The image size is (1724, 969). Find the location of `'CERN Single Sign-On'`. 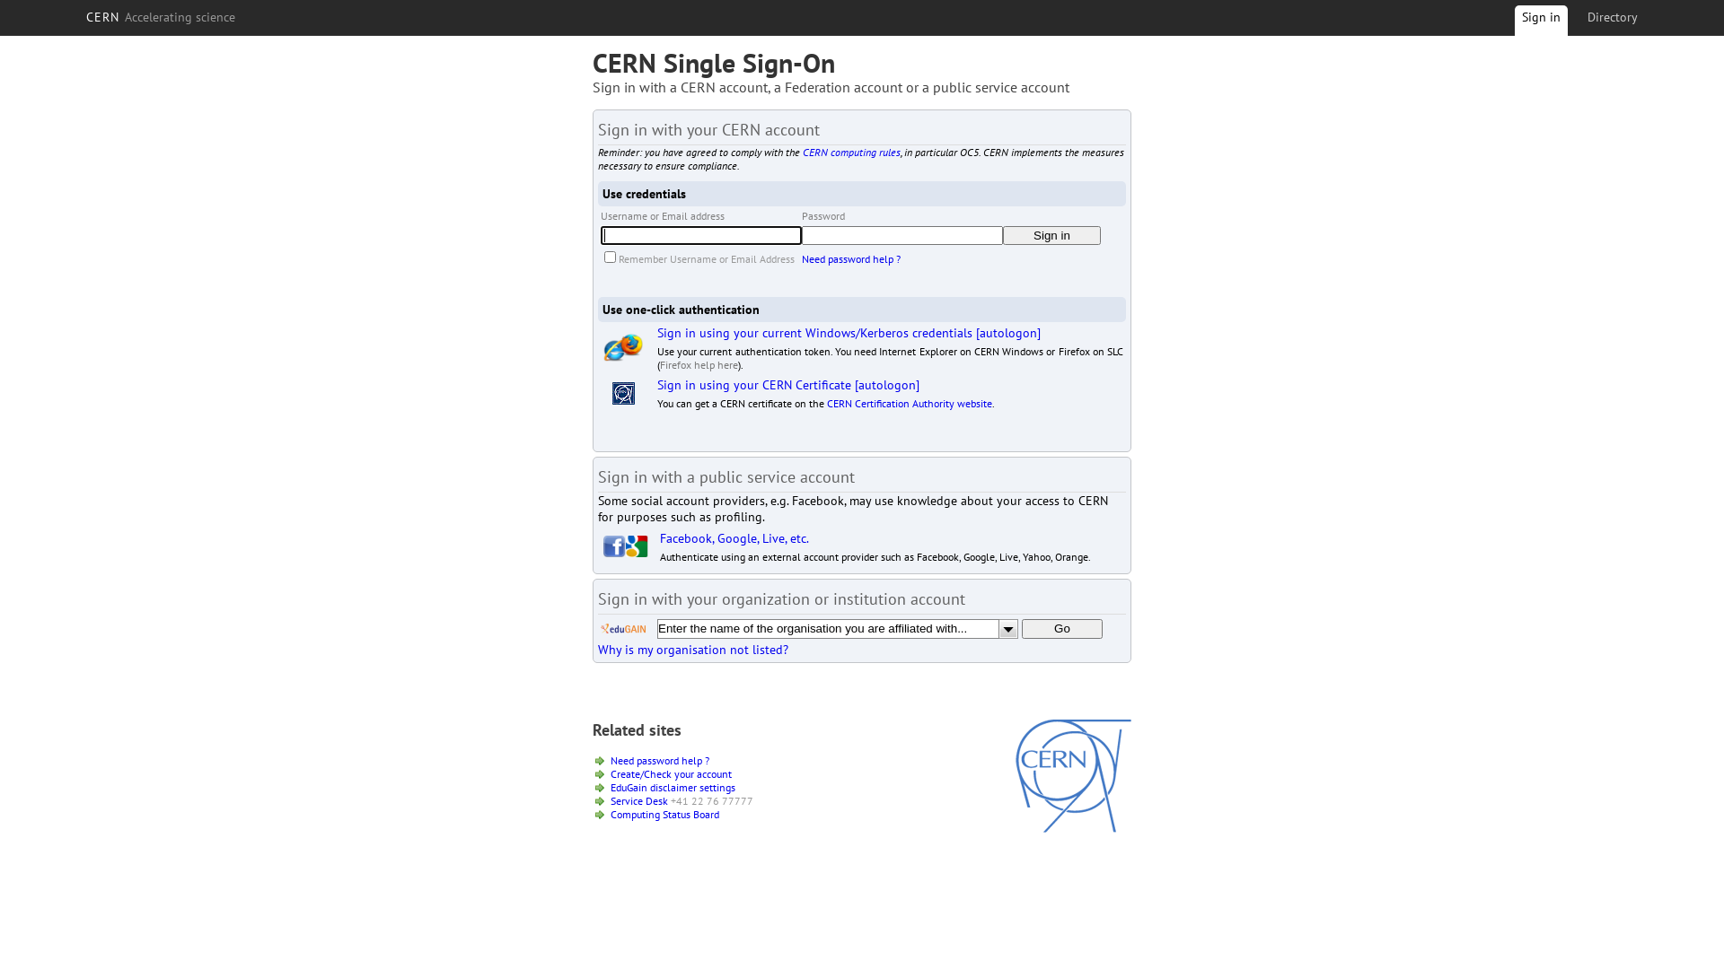

'CERN Single Sign-On' is located at coordinates (713, 61).